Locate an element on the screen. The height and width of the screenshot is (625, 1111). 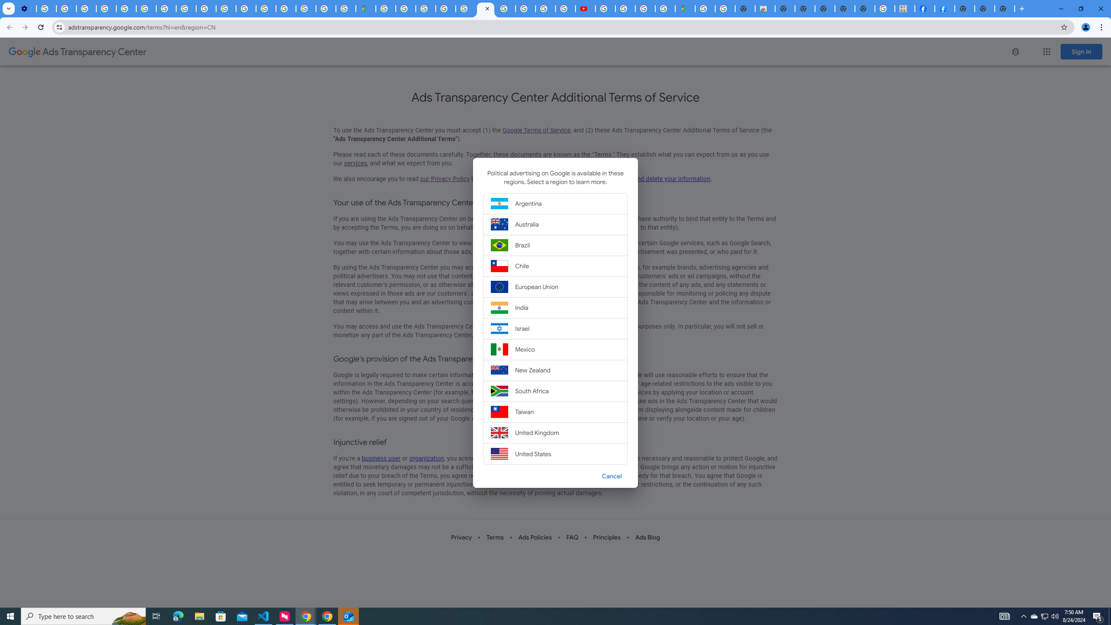
'Go to Ads Transparency Center home page.' is located at coordinates (78, 52).